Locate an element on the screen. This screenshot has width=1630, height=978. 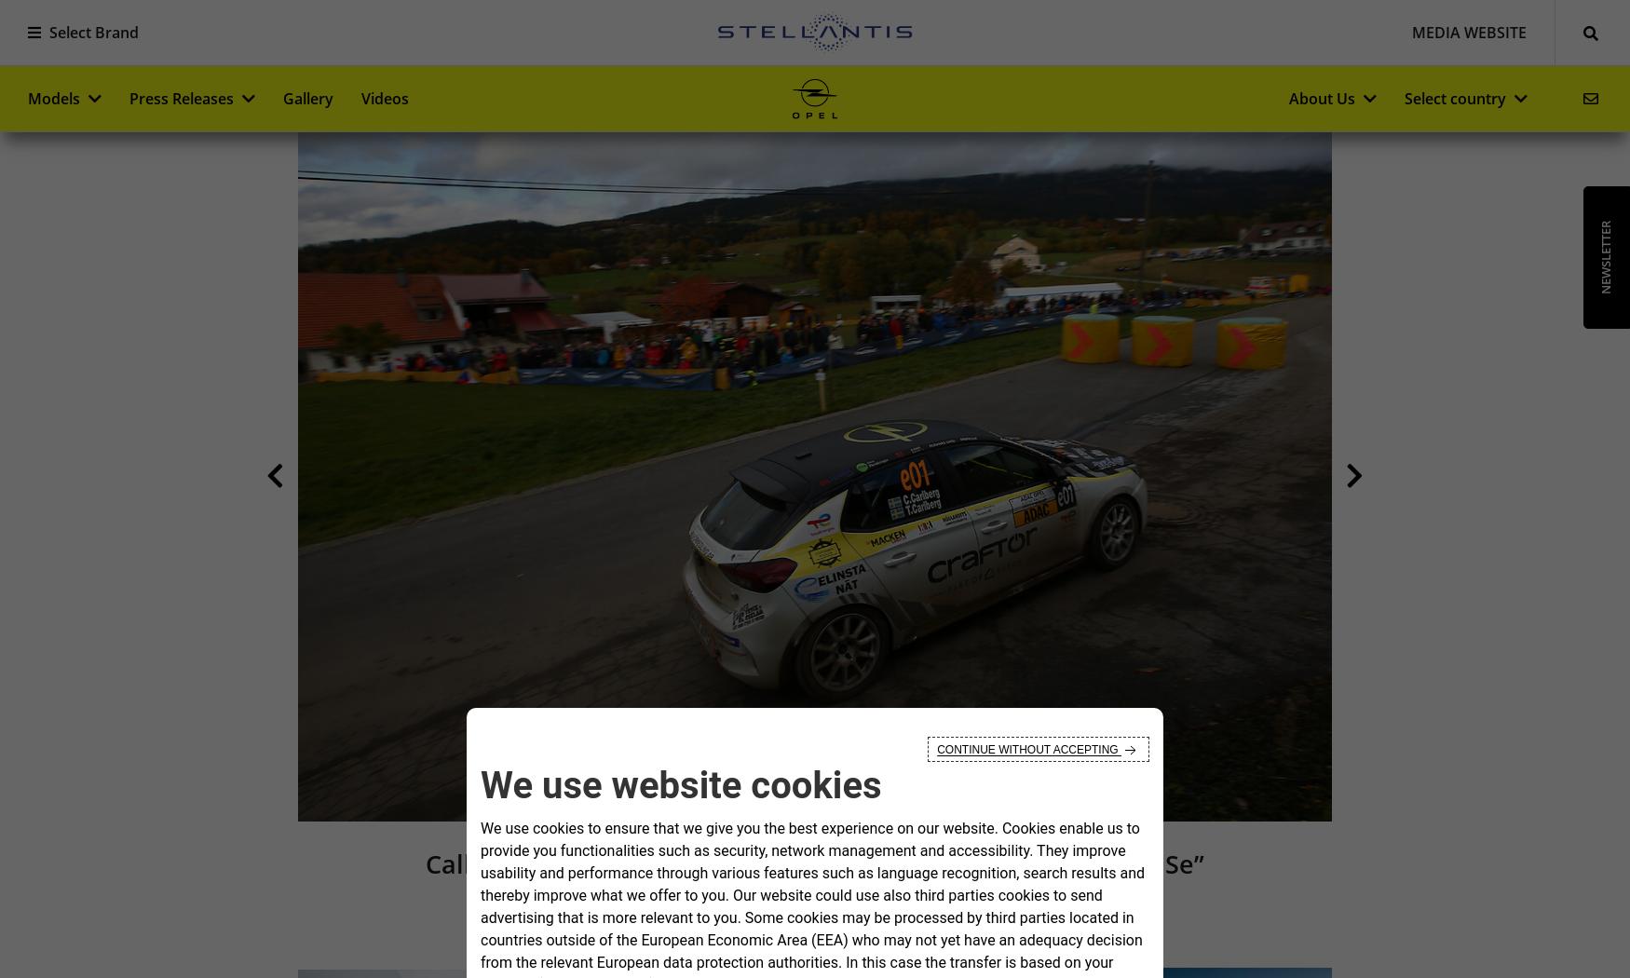
'Select Brand' is located at coordinates (93, 32).